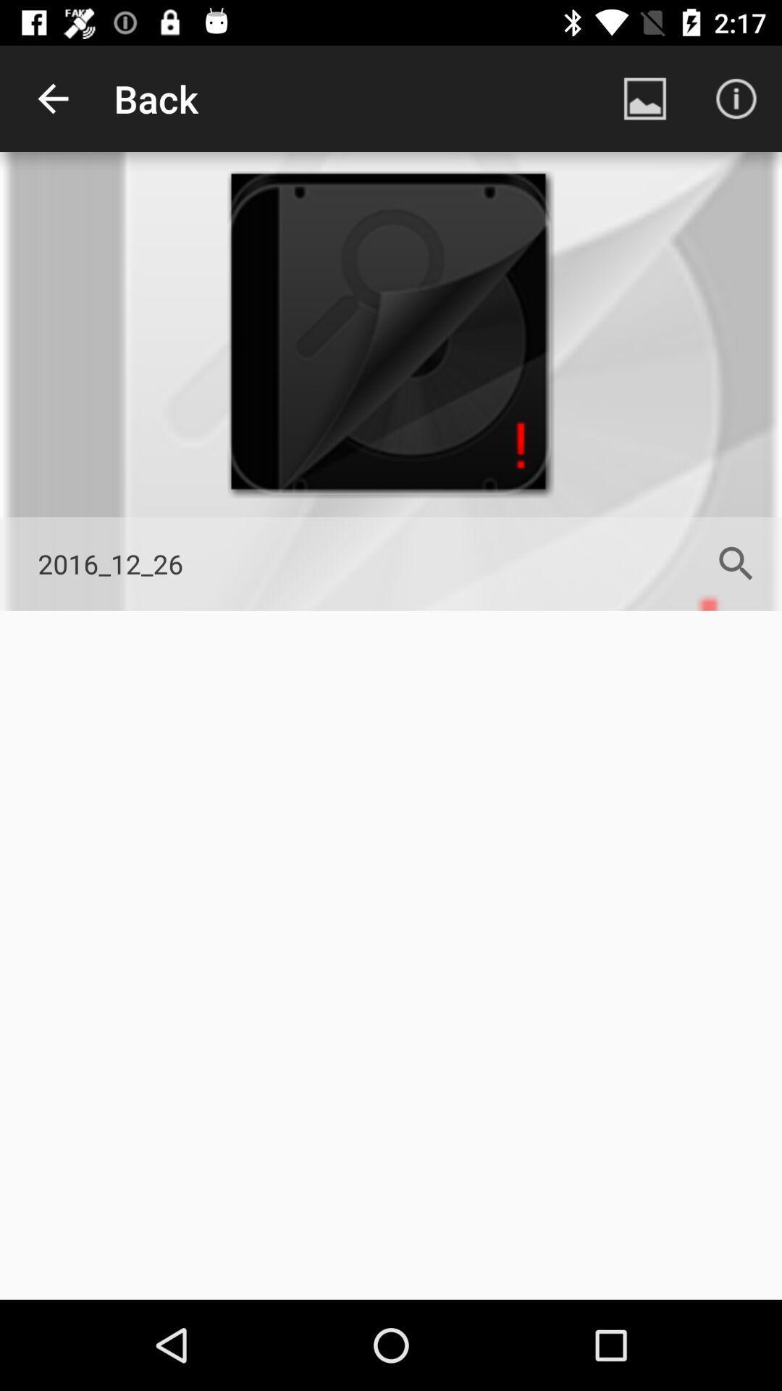 The width and height of the screenshot is (782, 1391). I want to click on the item next to the back app, so click(644, 98).